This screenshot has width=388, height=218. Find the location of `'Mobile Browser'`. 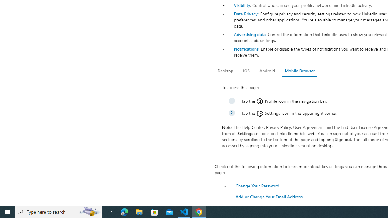

'Mobile Browser' is located at coordinates (299, 71).